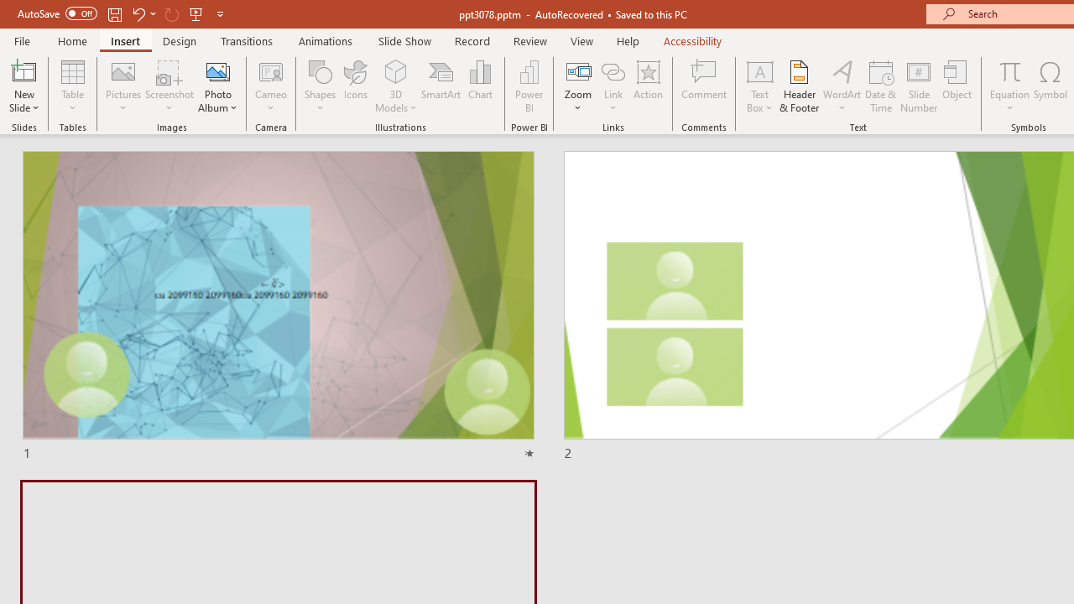 This screenshot has width=1074, height=604. What do you see at coordinates (271, 70) in the screenshot?
I see `'Cameo'` at bounding box center [271, 70].